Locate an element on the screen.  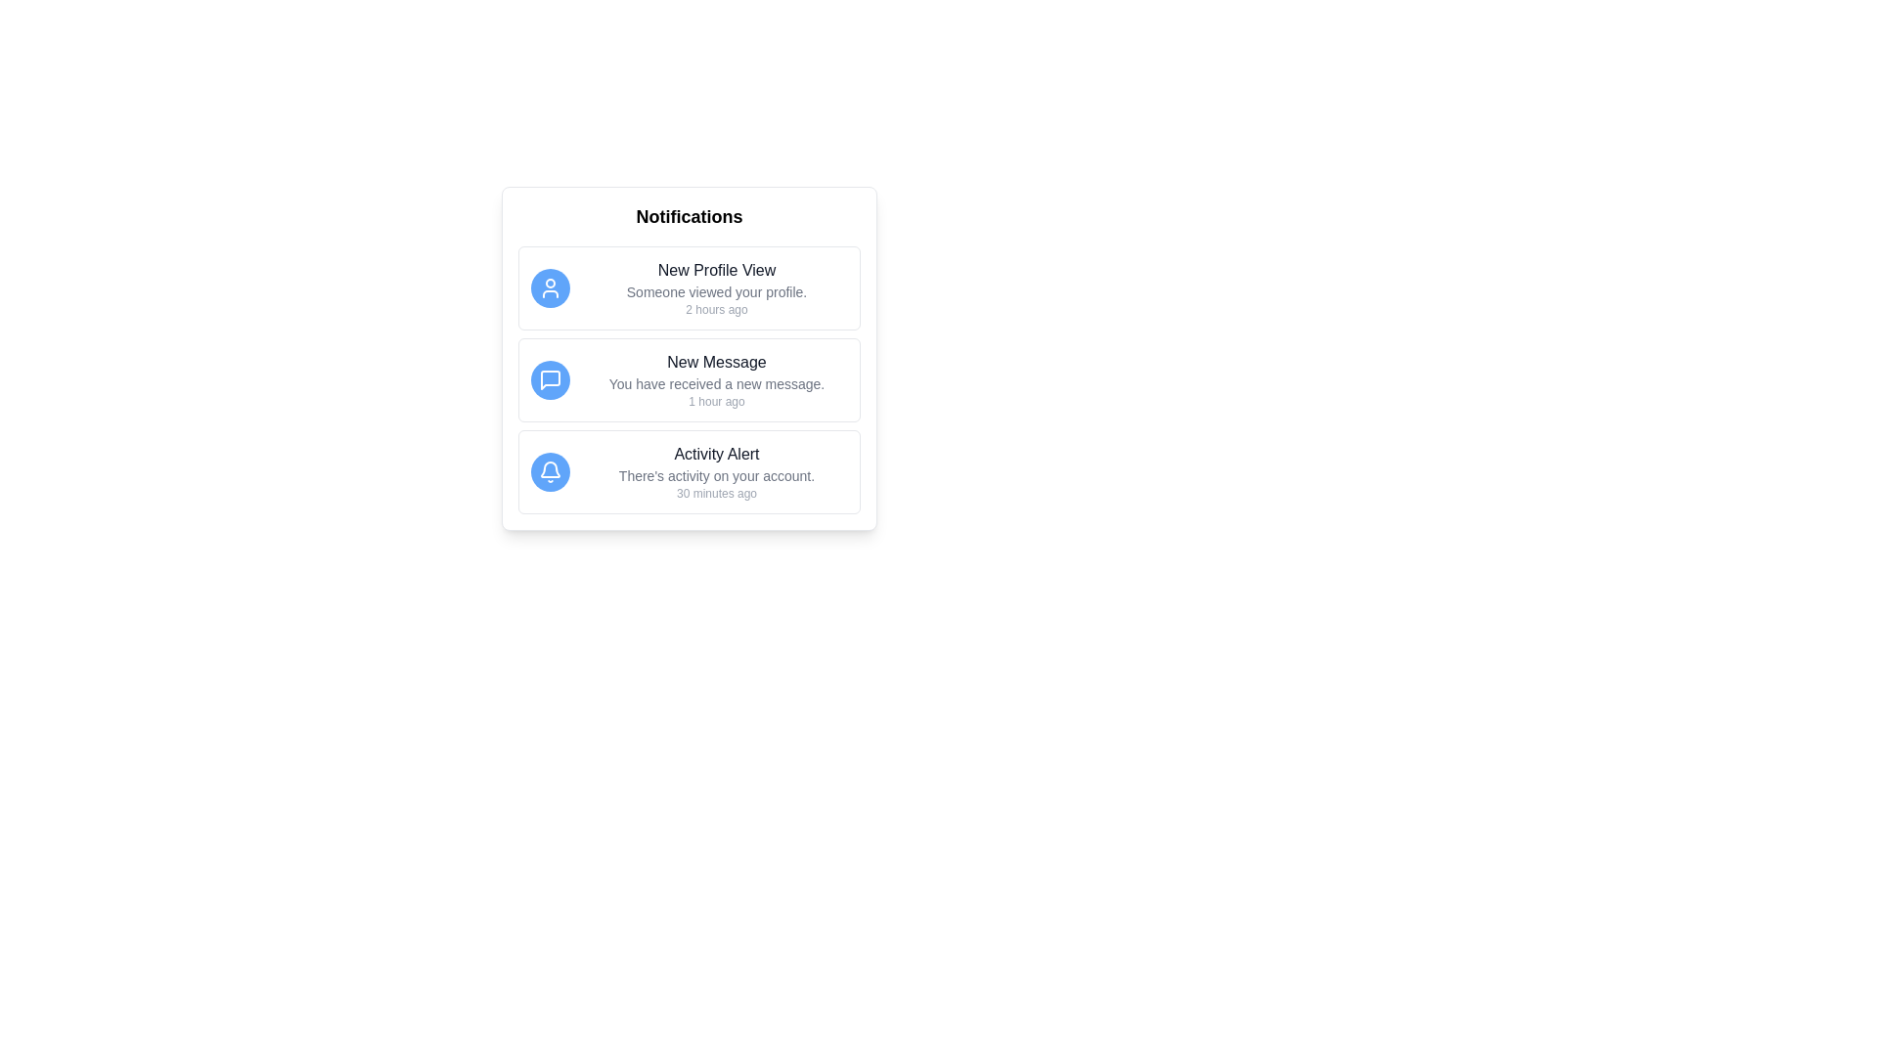
the notification bell icon, which is styled with a black outline on a circular blue background is located at coordinates (549, 471).